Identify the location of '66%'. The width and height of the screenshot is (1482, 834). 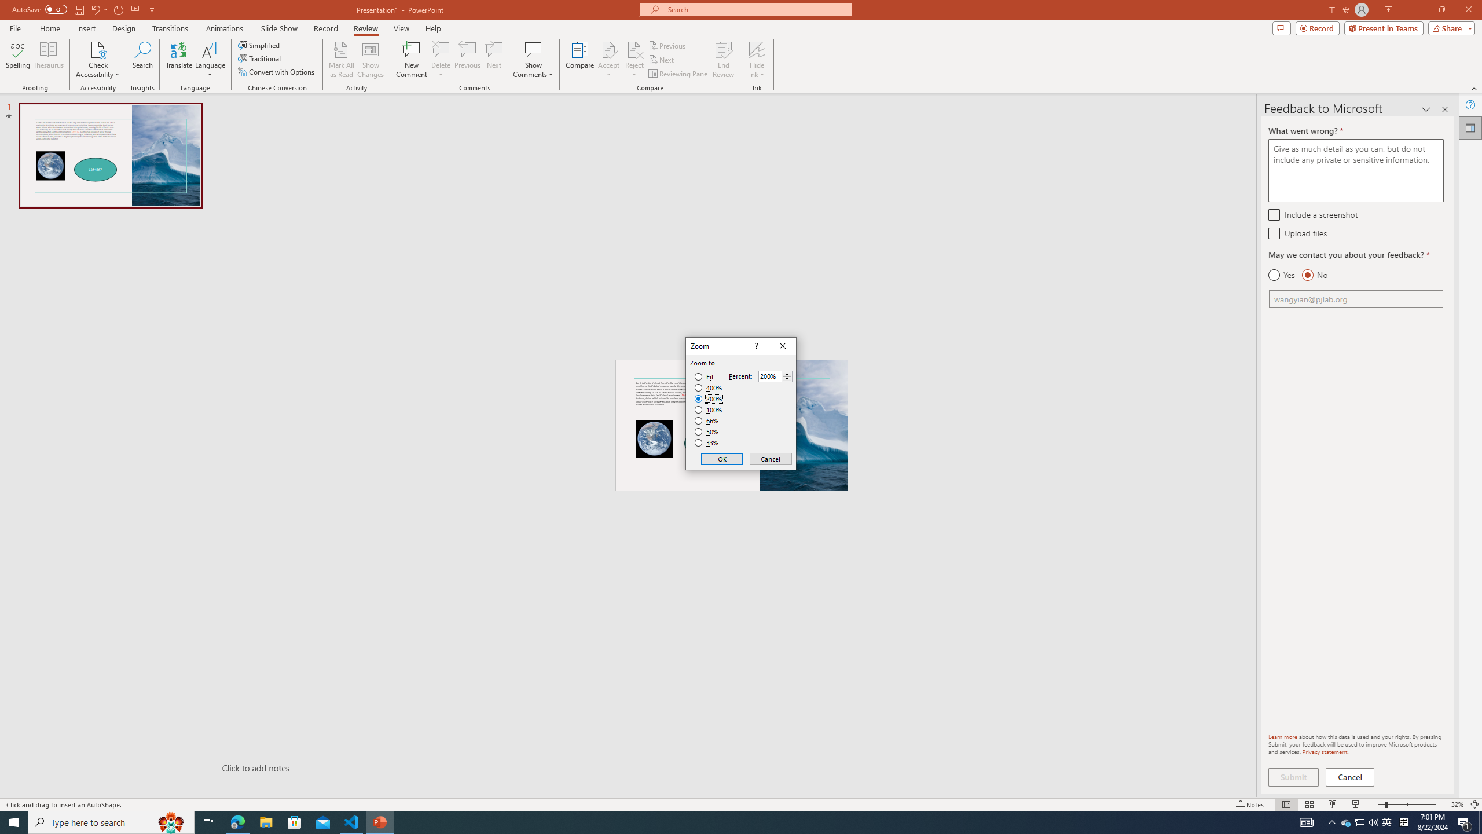
(707, 420).